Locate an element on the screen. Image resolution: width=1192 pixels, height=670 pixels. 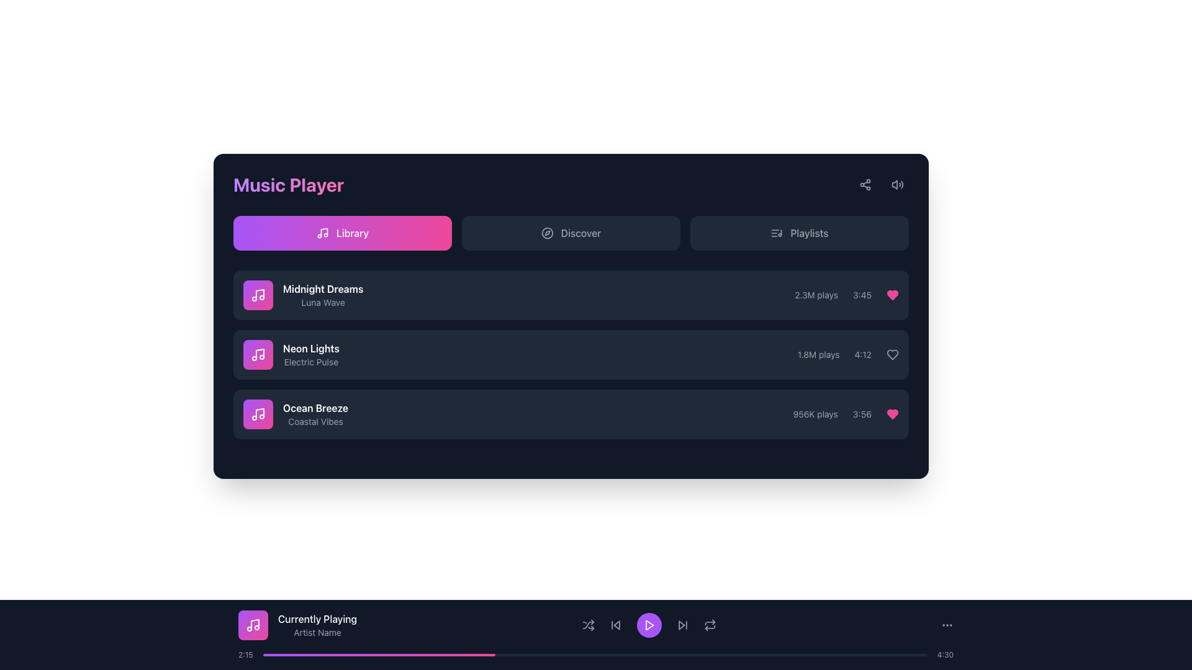
the third music track entry in the Library section of the music player interface is located at coordinates (295, 414).